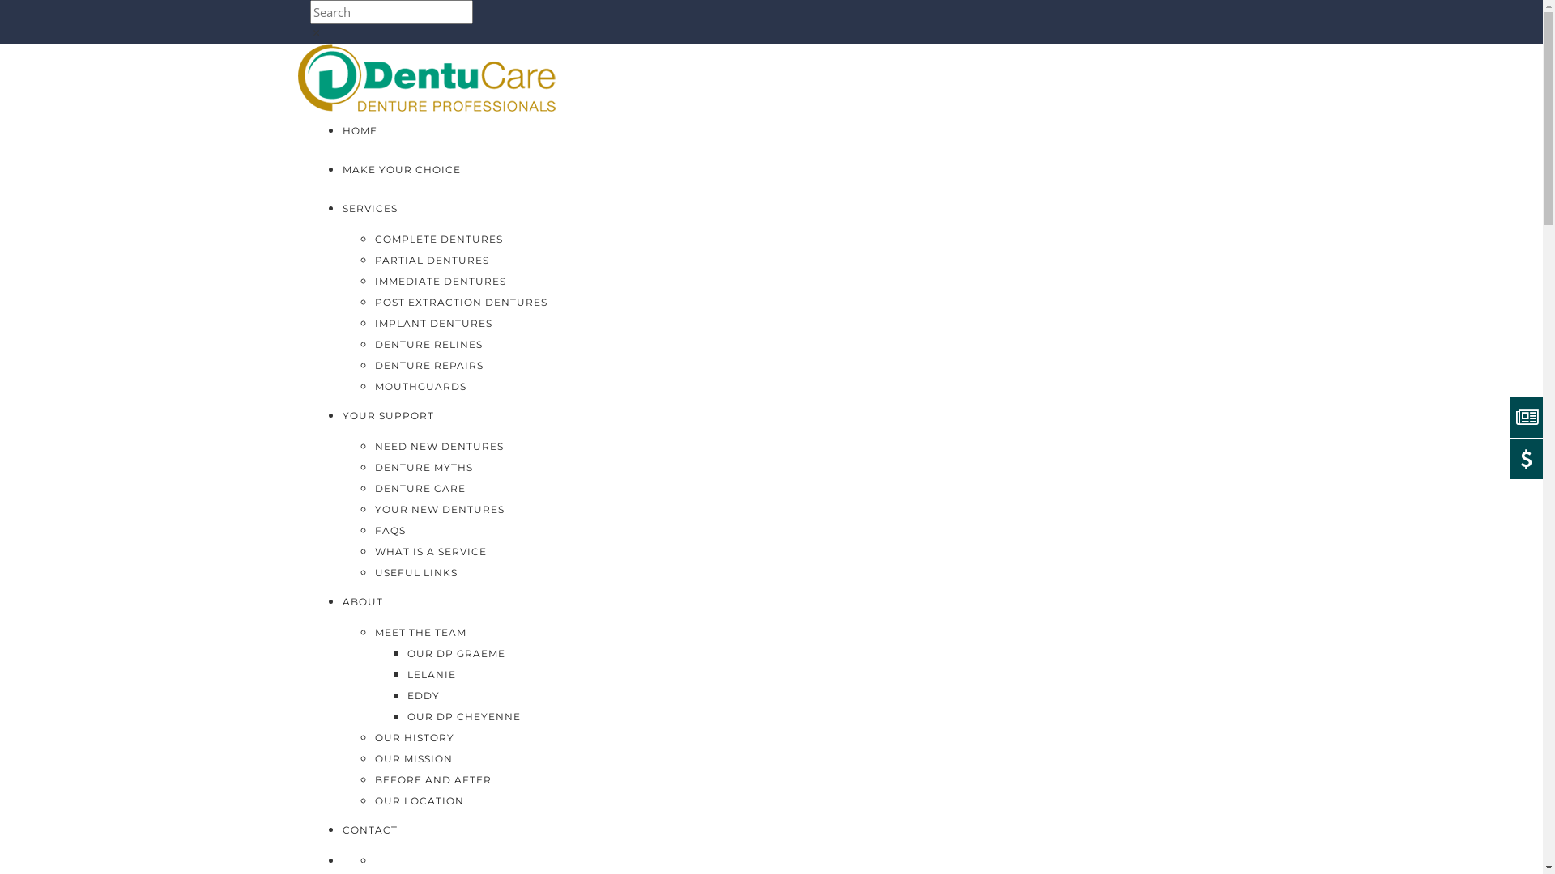 This screenshot has width=1555, height=874. Describe the element at coordinates (341, 601) in the screenshot. I see `'ABOUT'` at that location.